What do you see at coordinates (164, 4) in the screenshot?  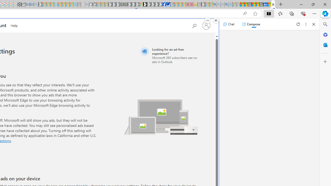 I see `'Nordace | Facebook'` at bounding box center [164, 4].